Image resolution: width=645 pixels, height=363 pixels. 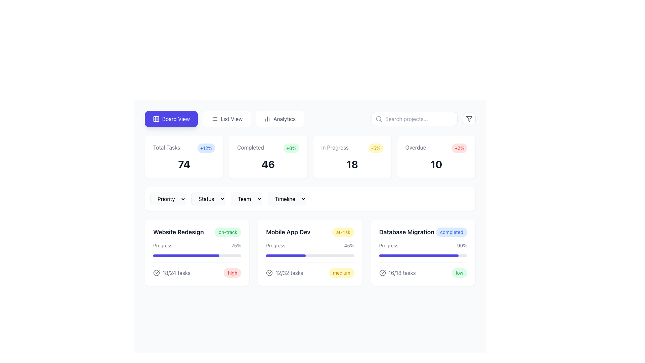 What do you see at coordinates (375, 148) in the screenshot?
I see `information presented in the small pill-shaped badge displaying '-5%' with a light yellow background and dark yellow text, located to the right of the 'In Progress' label` at bounding box center [375, 148].